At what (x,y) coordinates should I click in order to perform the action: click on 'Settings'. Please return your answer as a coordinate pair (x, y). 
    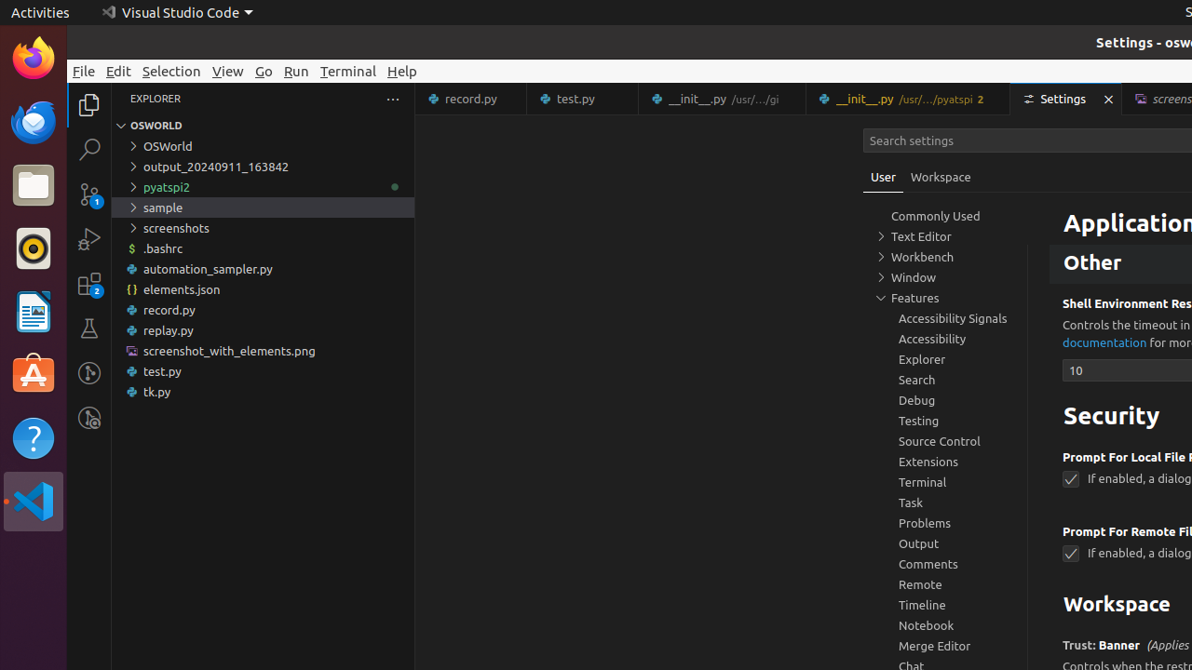
    Looking at the image, I should click on (1066, 99).